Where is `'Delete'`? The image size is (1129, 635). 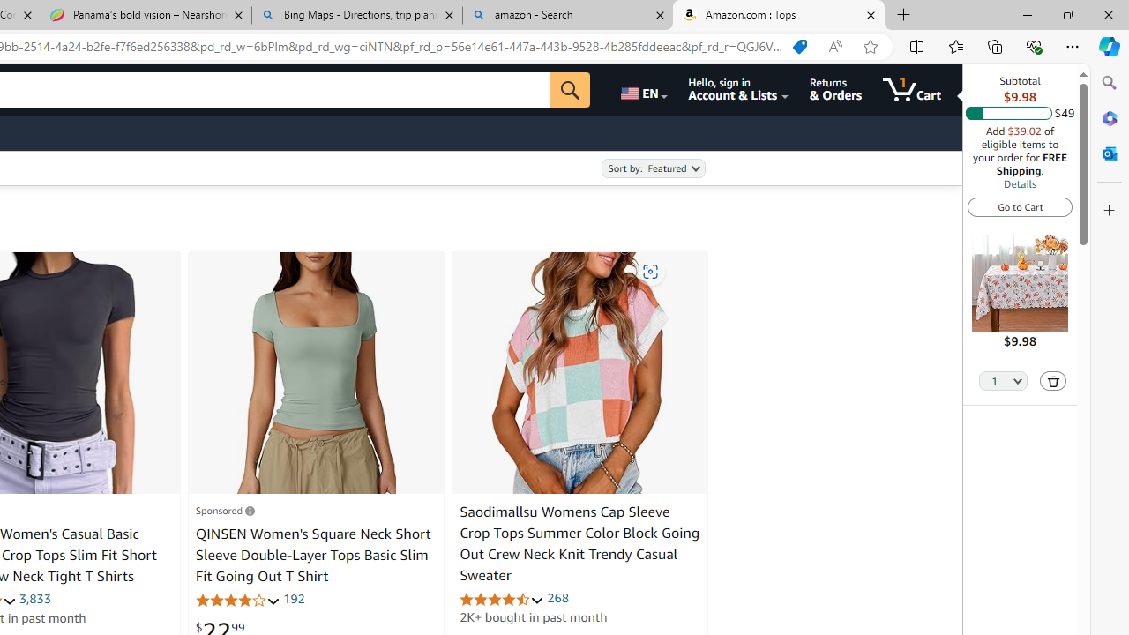
'Delete' is located at coordinates (1053, 379).